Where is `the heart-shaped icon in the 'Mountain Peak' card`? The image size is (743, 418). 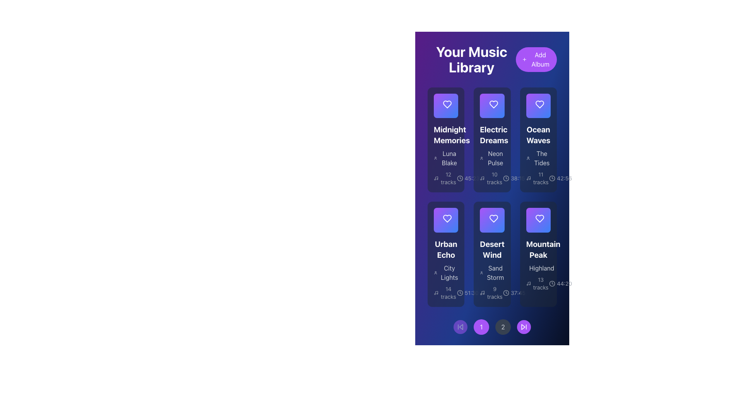 the heart-shaped icon in the 'Mountain Peak' card is located at coordinates (539, 218).